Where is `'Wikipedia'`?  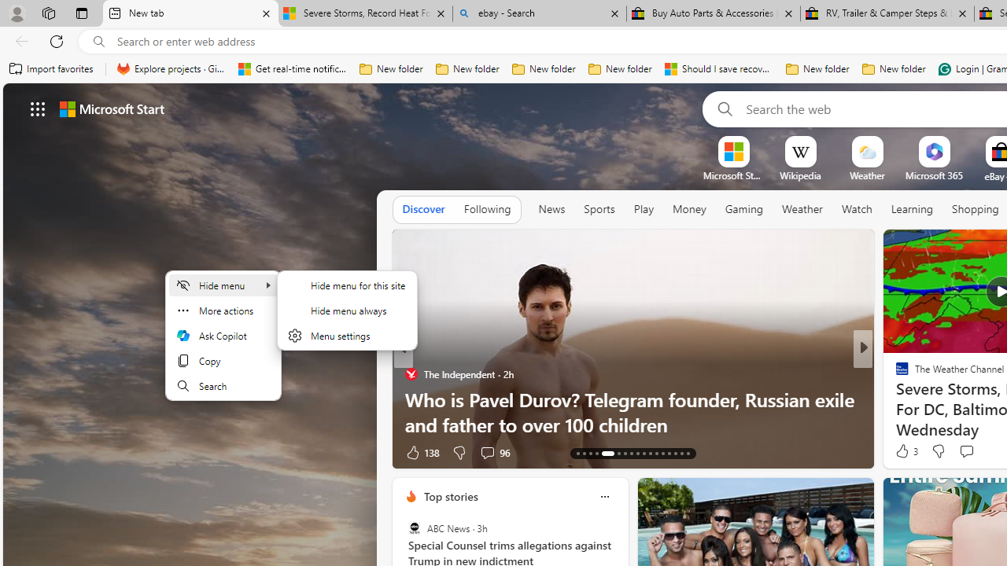 'Wikipedia' is located at coordinates (800, 175).